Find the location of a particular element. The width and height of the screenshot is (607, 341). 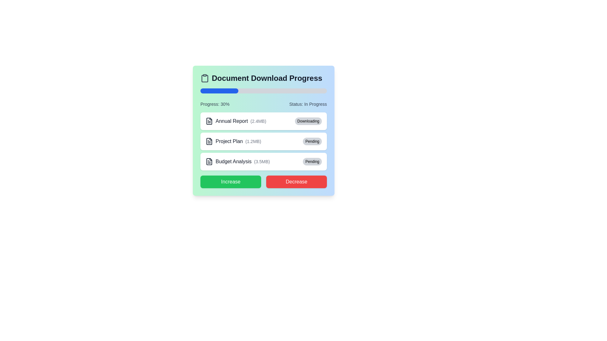

the decorative shape within the clipboard icon, which is located at the top-left corner of the interface, adjacent to the title 'Document Download Progress' is located at coordinates (205, 78).